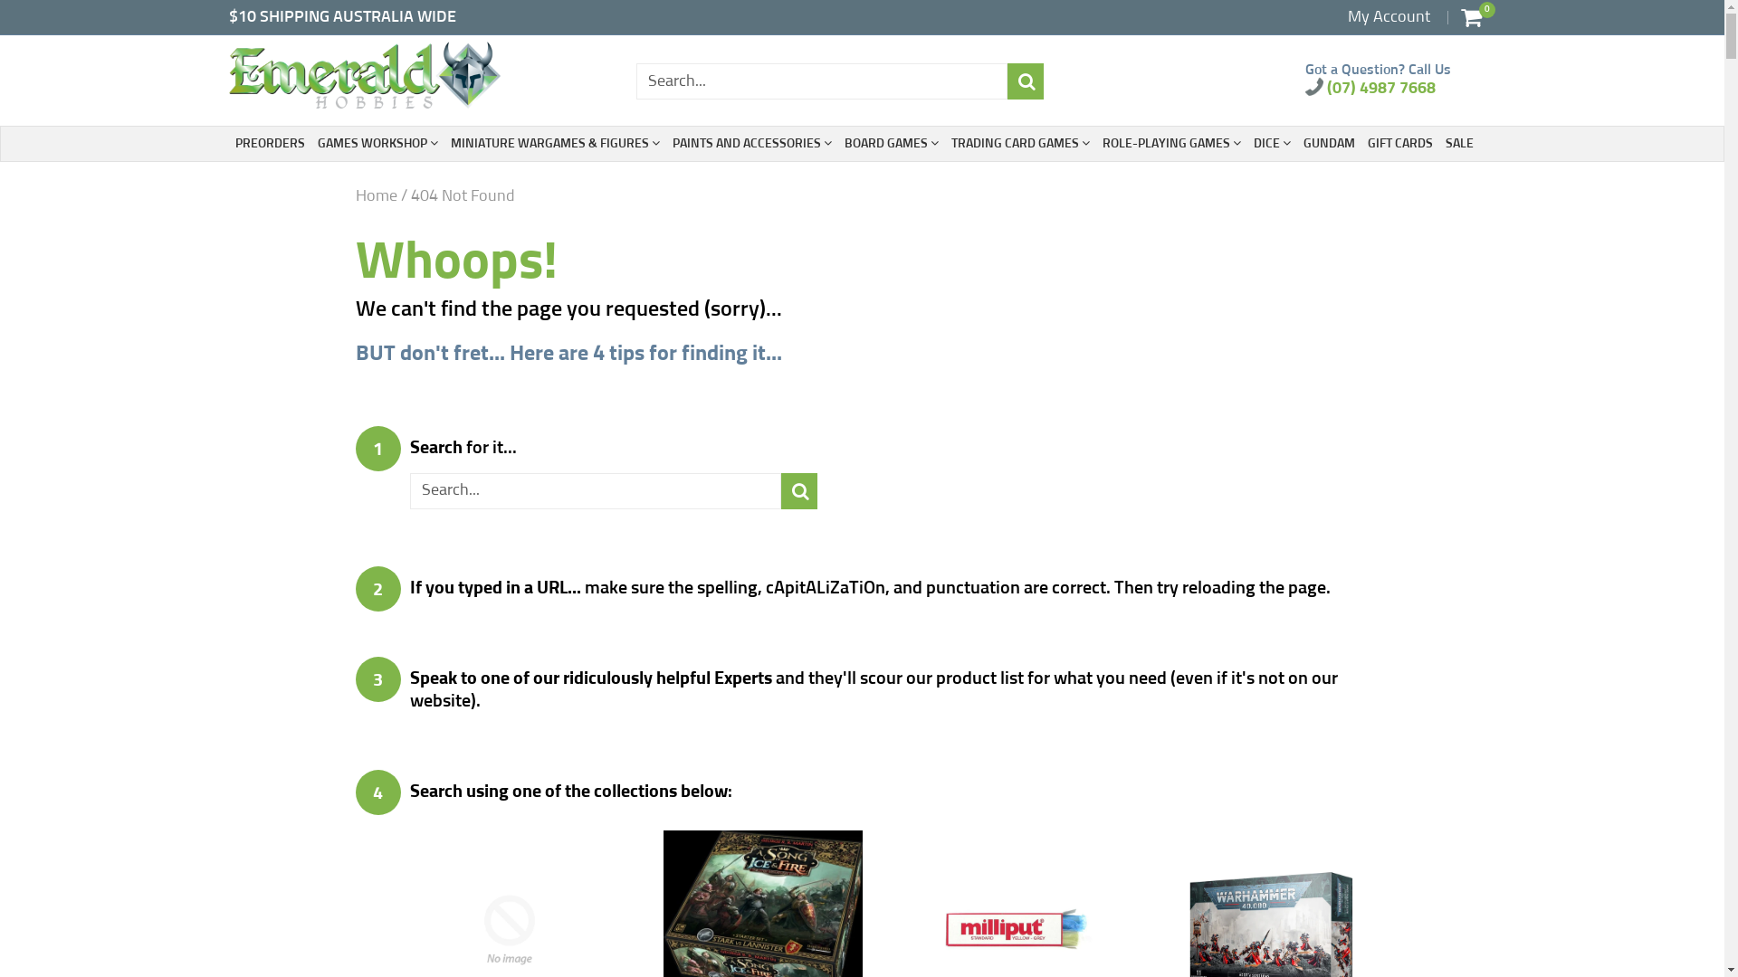  What do you see at coordinates (1270, 142) in the screenshot?
I see `'DICE'` at bounding box center [1270, 142].